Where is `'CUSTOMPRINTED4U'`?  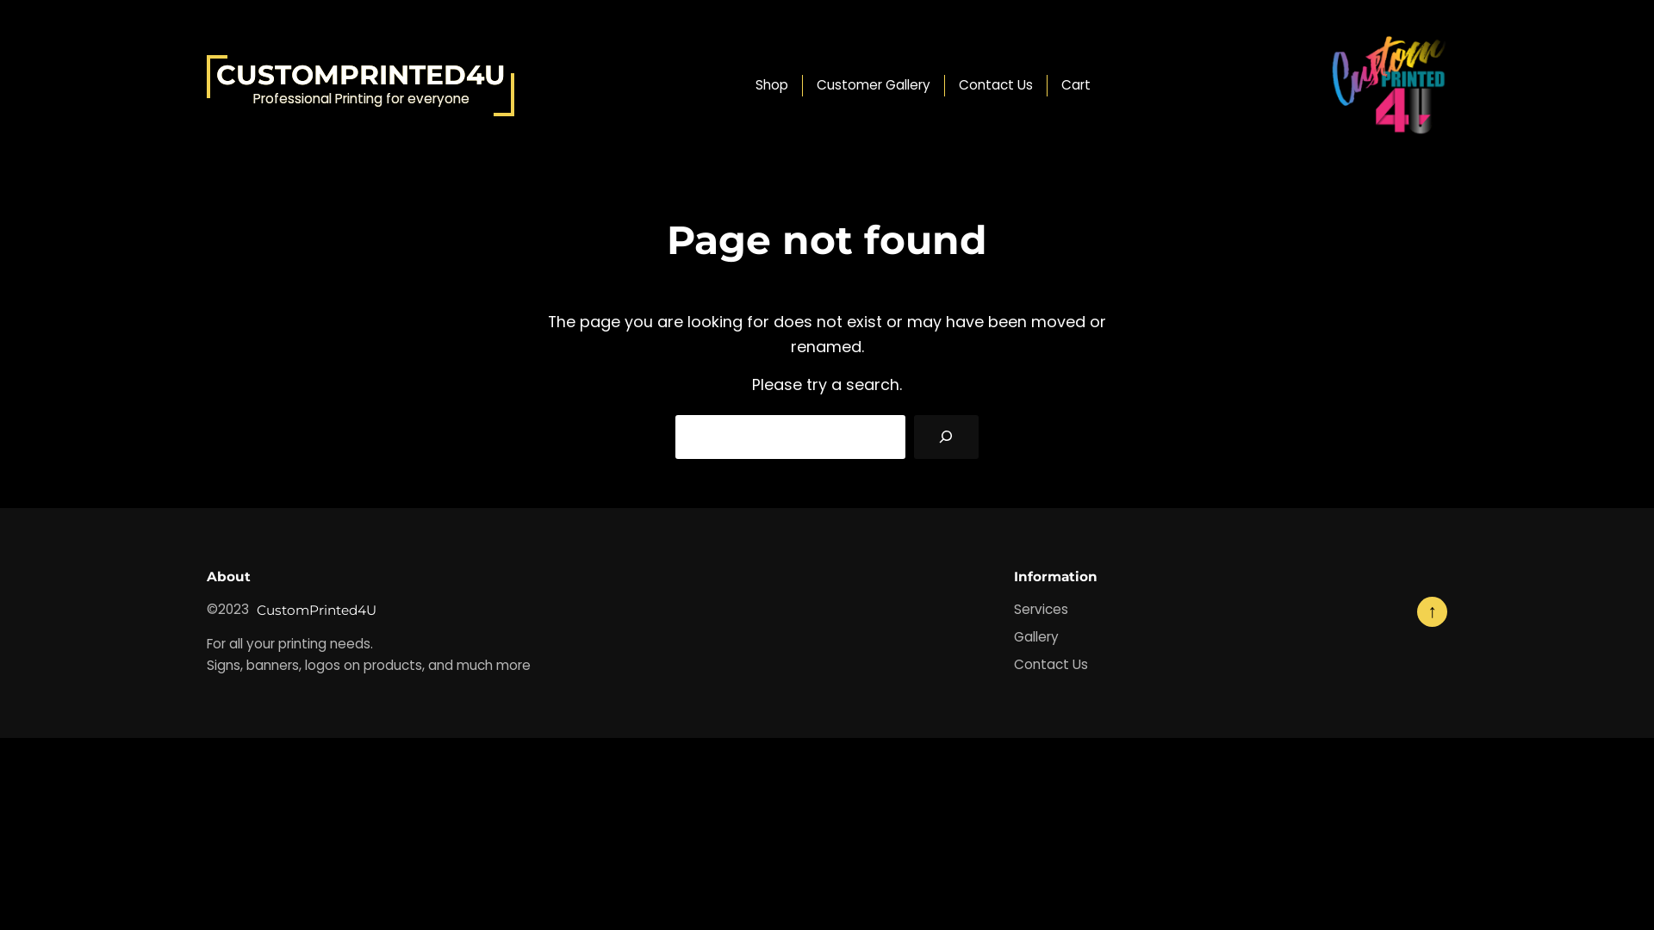
'CUSTOMPRINTED4U' is located at coordinates (359, 74).